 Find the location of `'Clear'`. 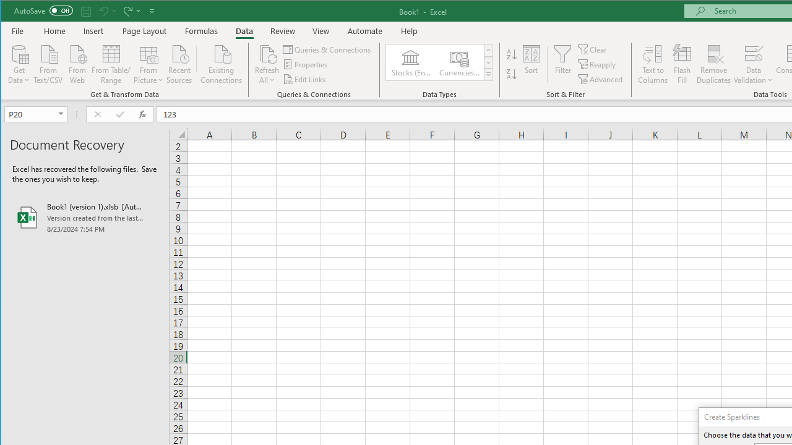

'Clear' is located at coordinates (592, 49).